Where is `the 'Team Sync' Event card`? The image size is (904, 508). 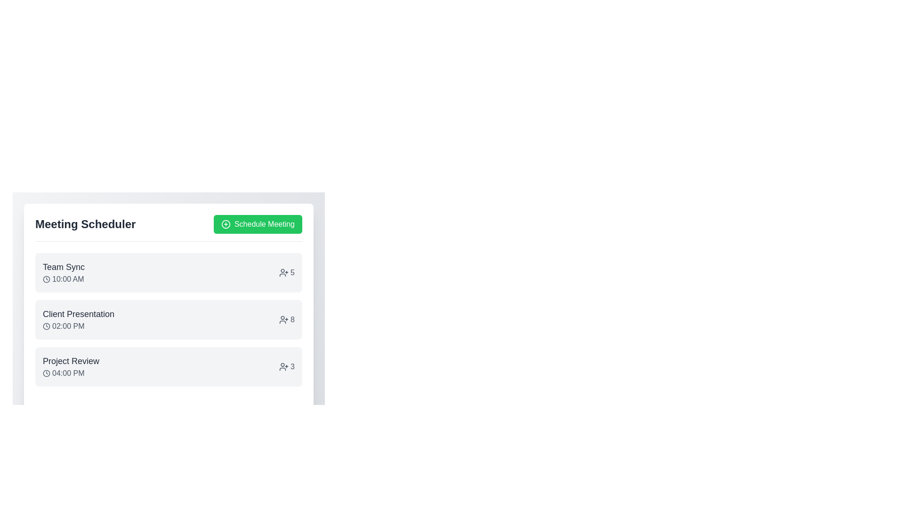
the 'Team Sync' Event card is located at coordinates (169, 272).